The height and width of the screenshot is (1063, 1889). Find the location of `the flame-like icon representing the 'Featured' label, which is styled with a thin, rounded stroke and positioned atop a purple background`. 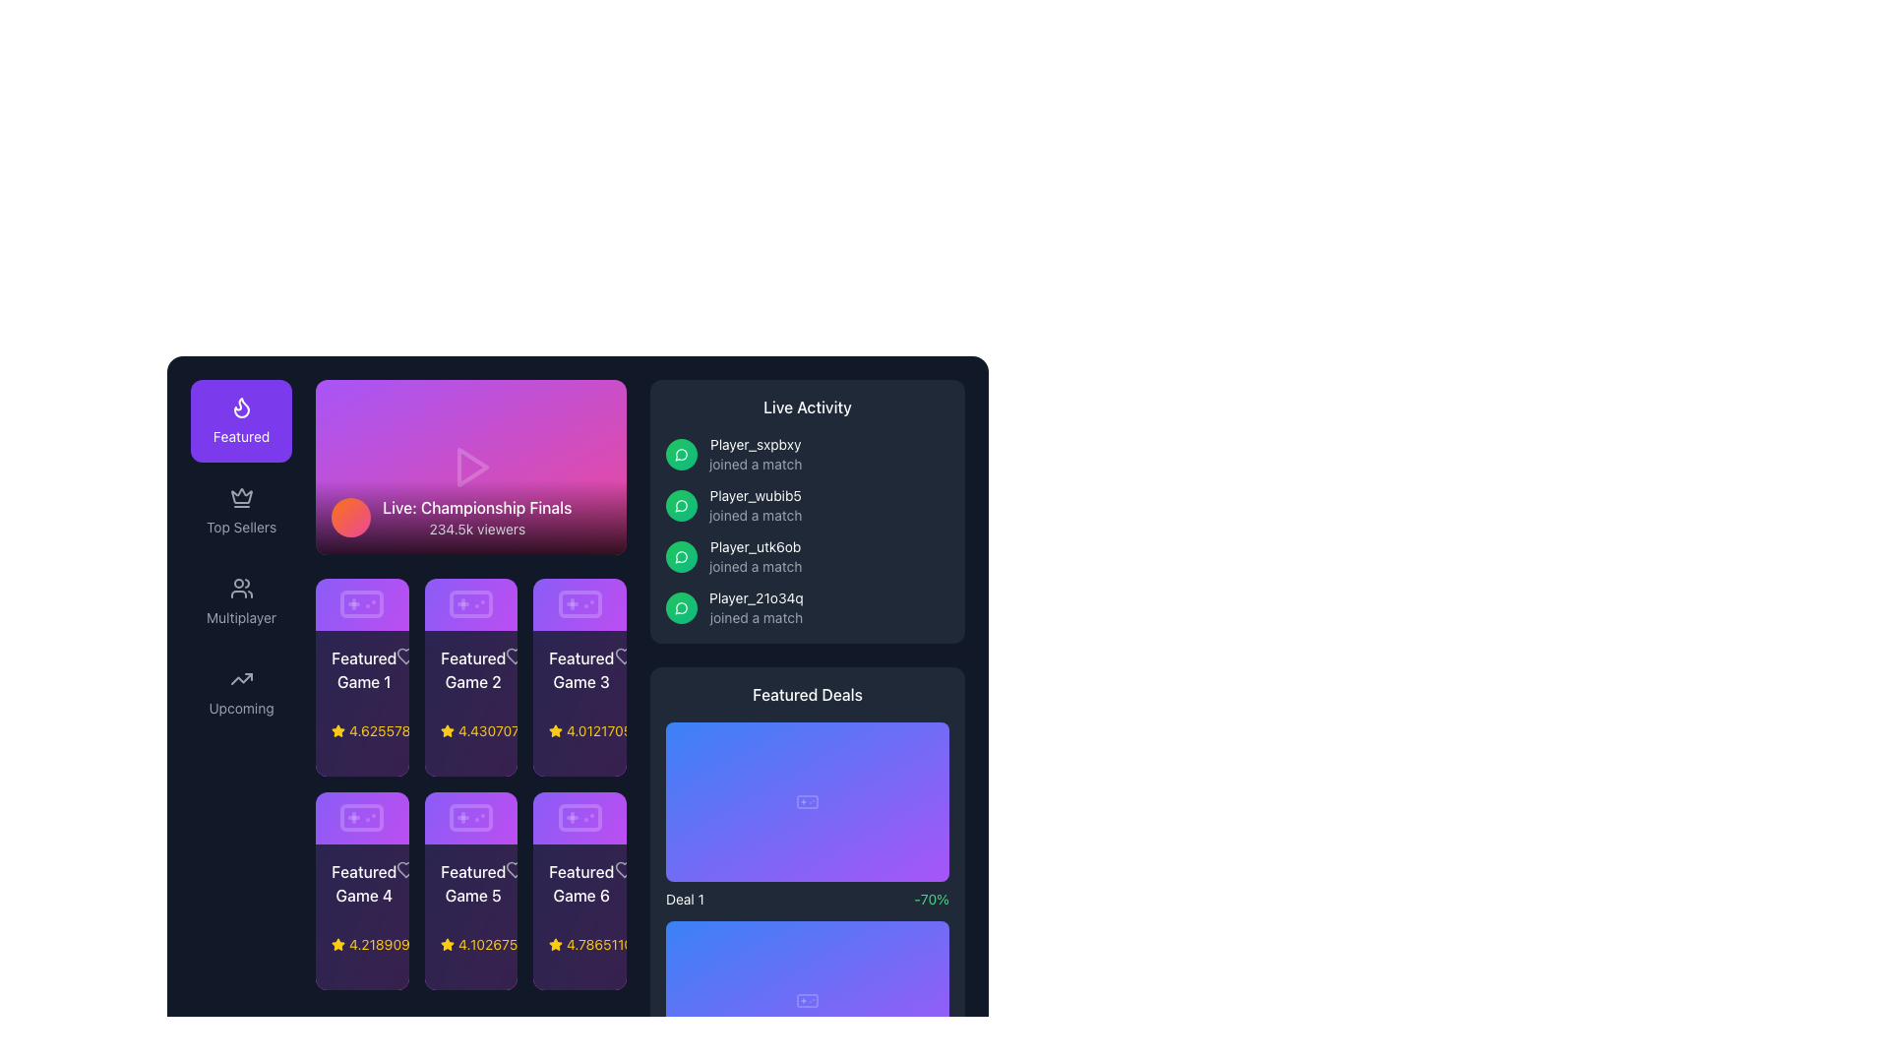

the flame-like icon representing the 'Featured' label, which is styled with a thin, rounded stroke and positioned atop a purple background is located at coordinates (240, 406).